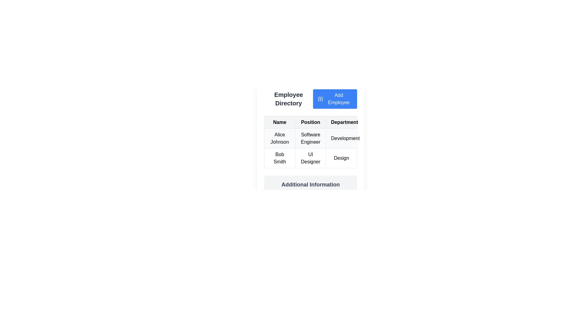 The image size is (583, 328). What do you see at coordinates (279, 138) in the screenshot?
I see `the text element displaying 'Alice Johnson' in the 'Name' column of the table` at bounding box center [279, 138].